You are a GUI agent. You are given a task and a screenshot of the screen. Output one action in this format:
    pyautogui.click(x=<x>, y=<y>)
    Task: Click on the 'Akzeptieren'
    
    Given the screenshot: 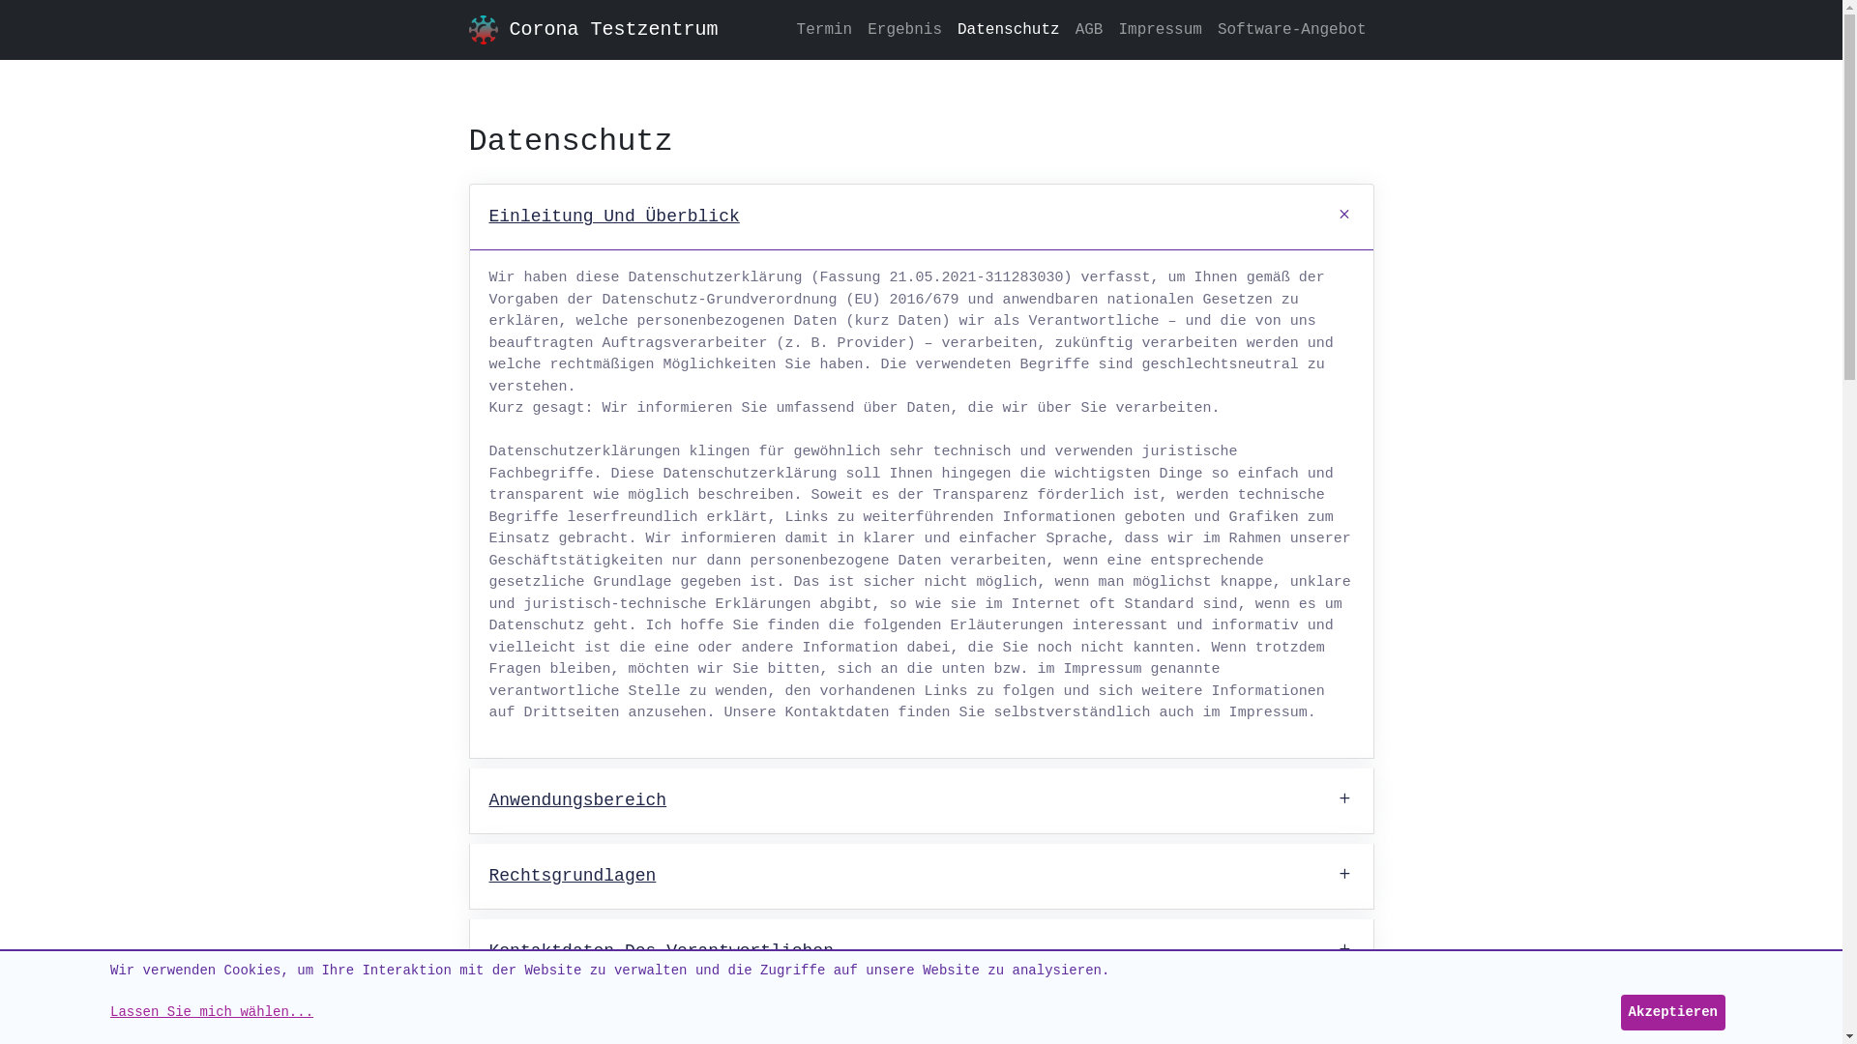 What is the action you would take?
    pyautogui.click(x=1671, y=1011)
    